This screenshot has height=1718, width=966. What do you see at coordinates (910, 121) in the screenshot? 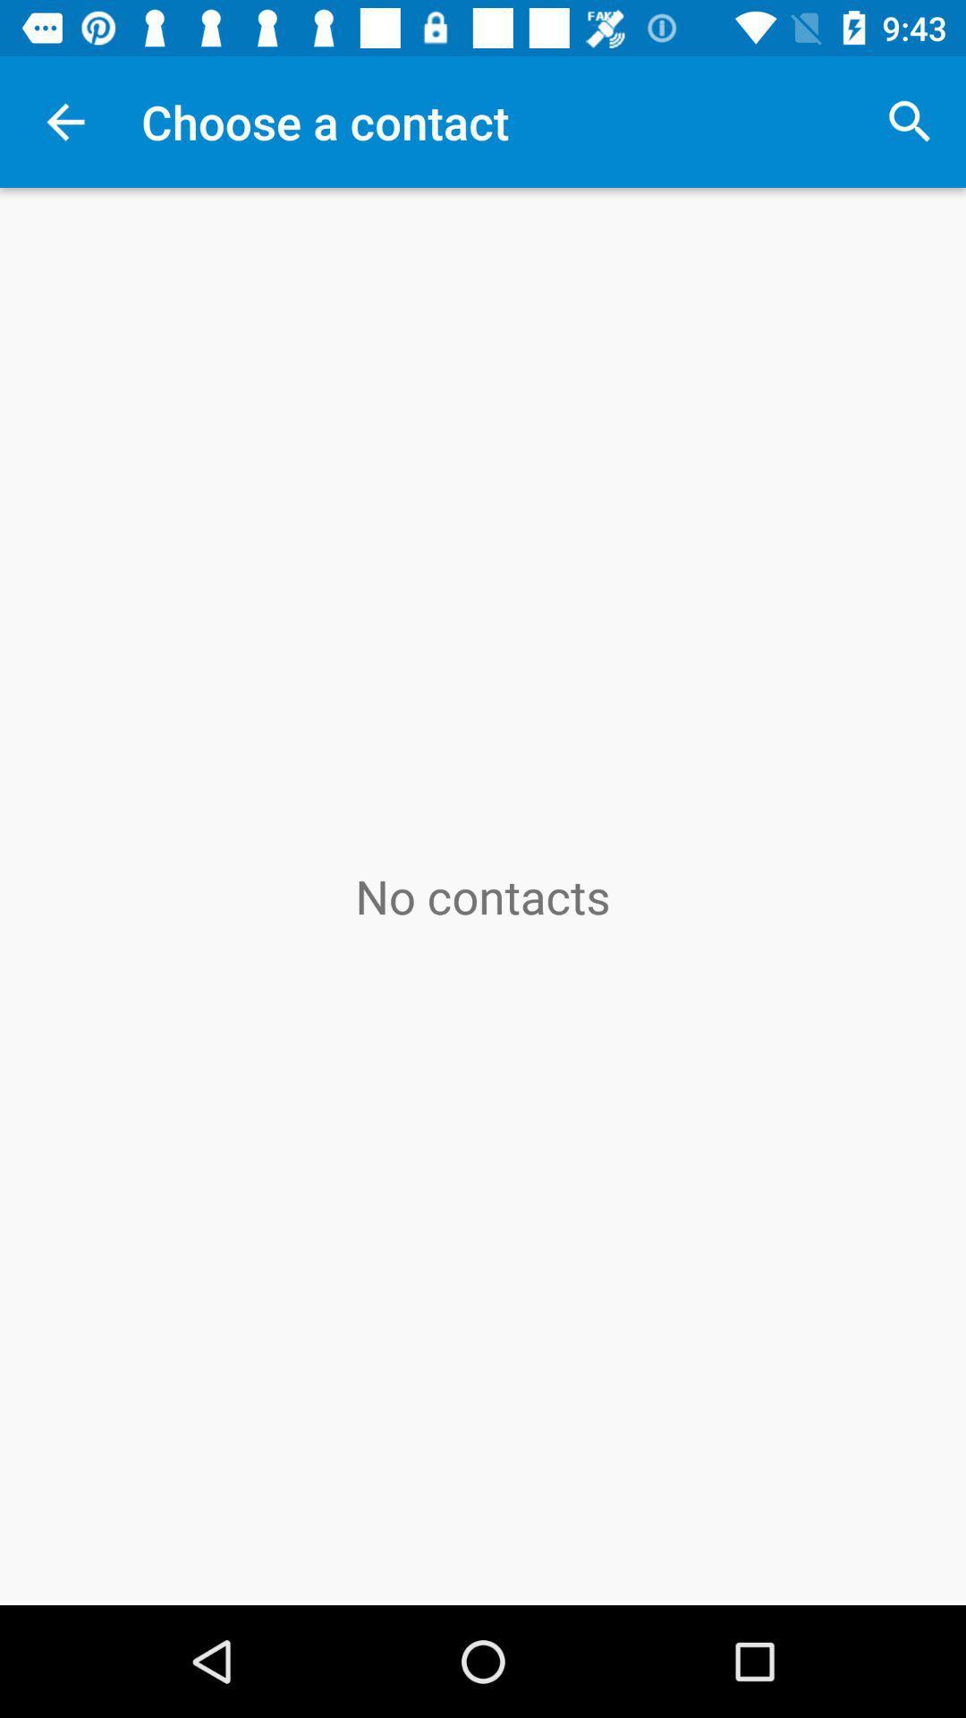
I see `icon at the top right corner` at bounding box center [910, 121].